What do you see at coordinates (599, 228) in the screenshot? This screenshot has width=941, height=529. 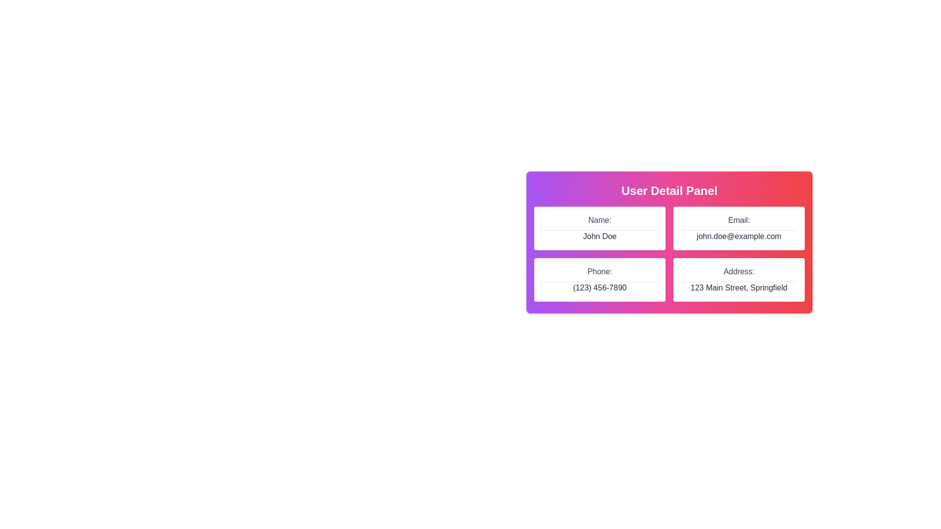 I see `the Text Display Box containing the label 'Name:' and the name 'John Doe', located in the User Detail Panel, which is the first box in a 2x2 grid layout` at bounding box center [599, 228].